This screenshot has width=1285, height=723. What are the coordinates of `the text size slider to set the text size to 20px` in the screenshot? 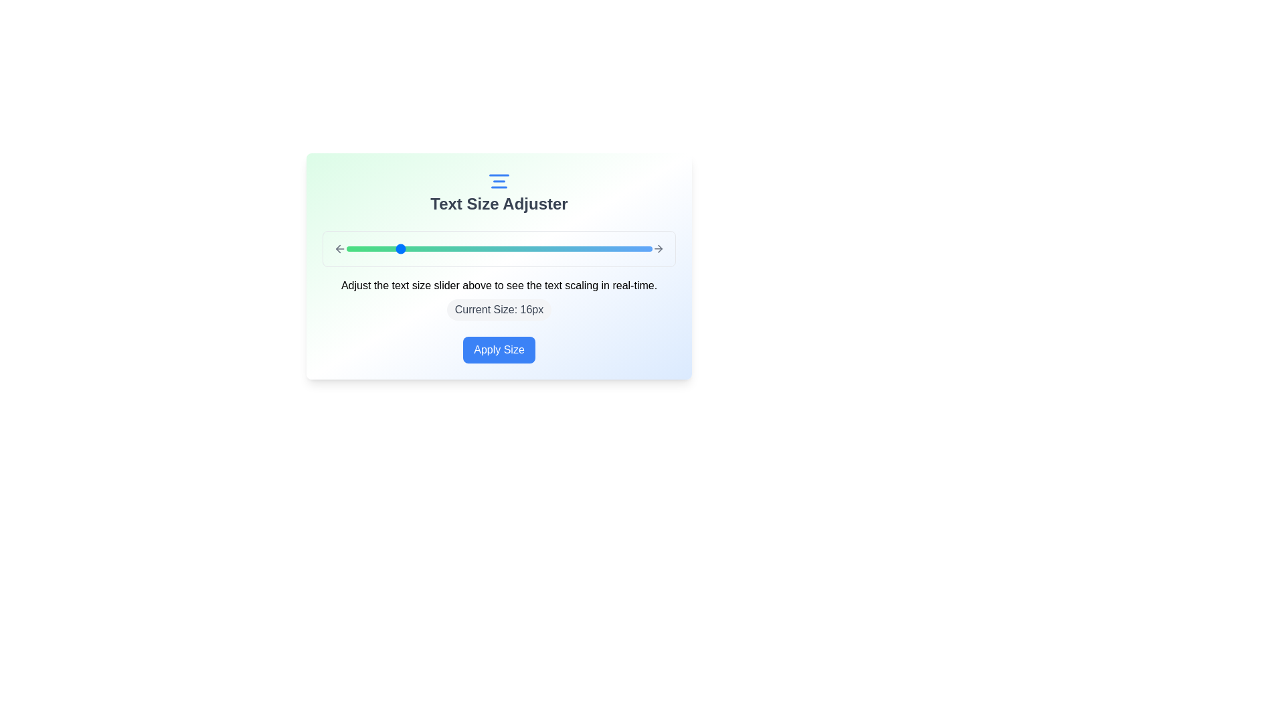 It's located at (448, 248).